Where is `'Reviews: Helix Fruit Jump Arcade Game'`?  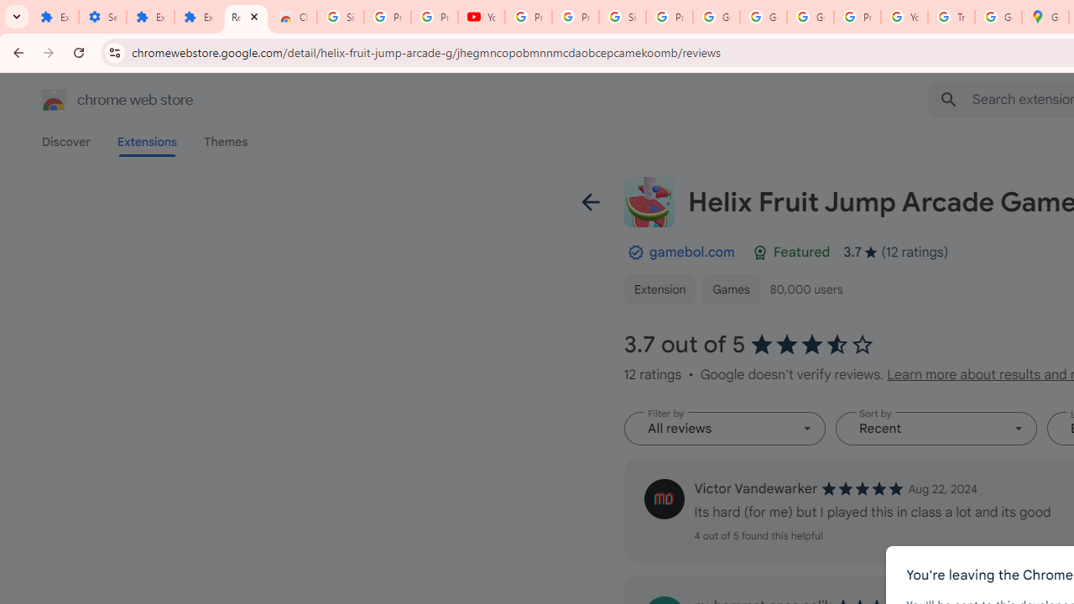 'Reviews: Helix Fruit Jump Arcade Game' is located at coordinates (245, 17).